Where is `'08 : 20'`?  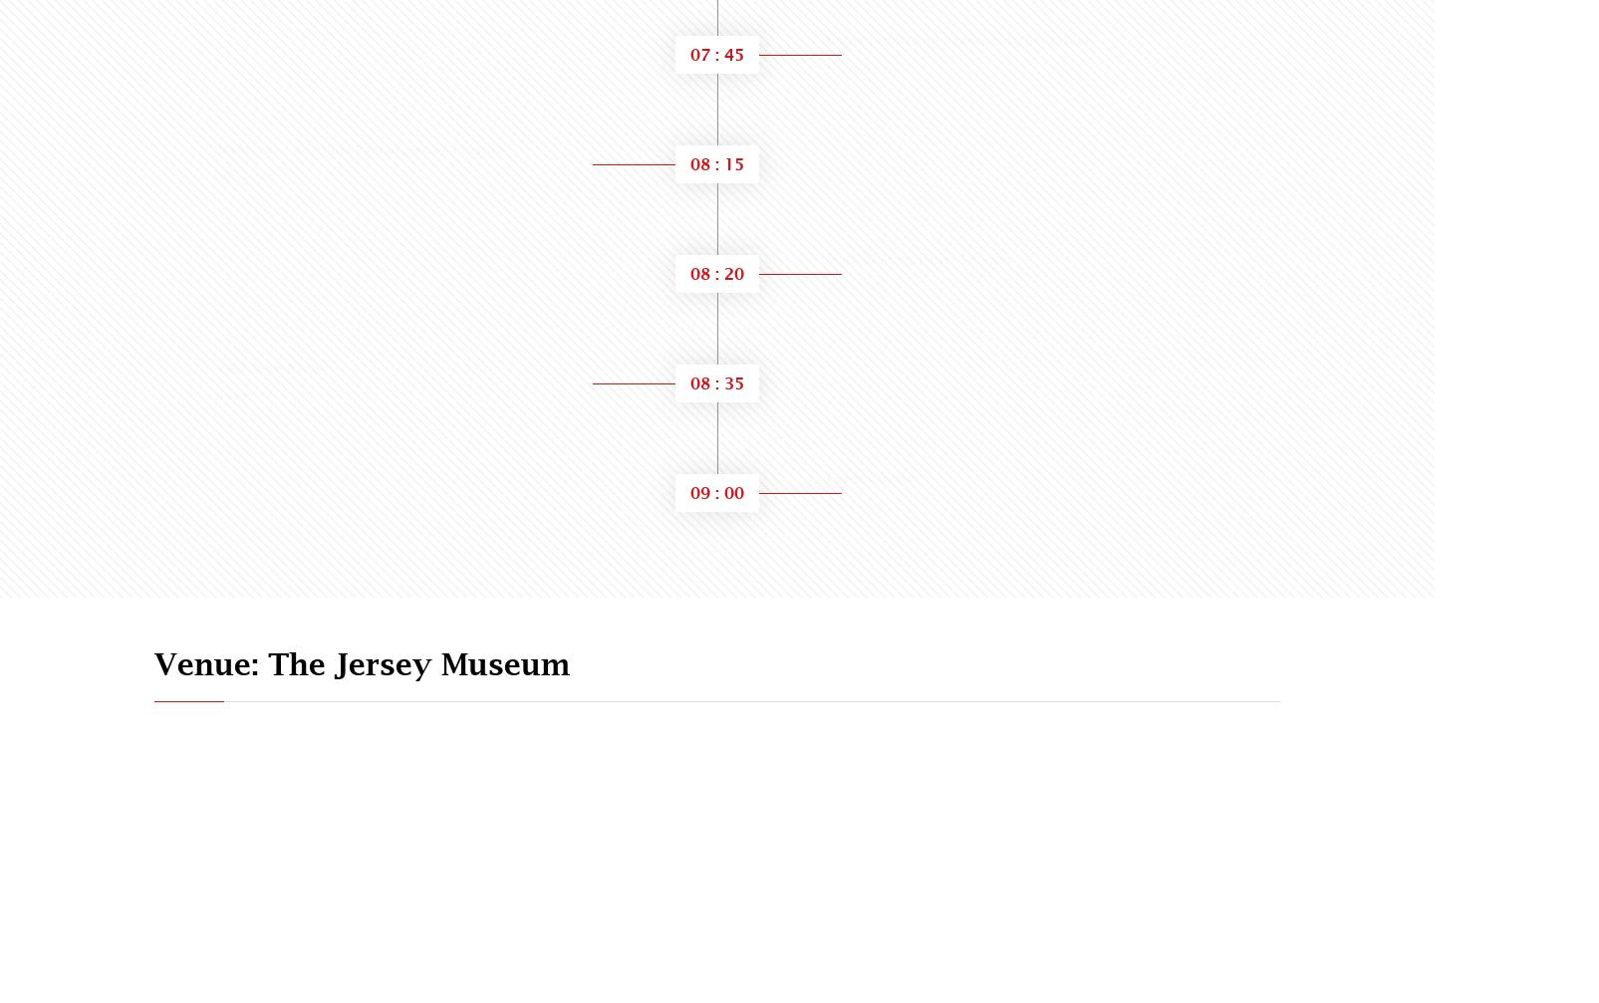
'08 : 20' is located at coordinates (716, 273).